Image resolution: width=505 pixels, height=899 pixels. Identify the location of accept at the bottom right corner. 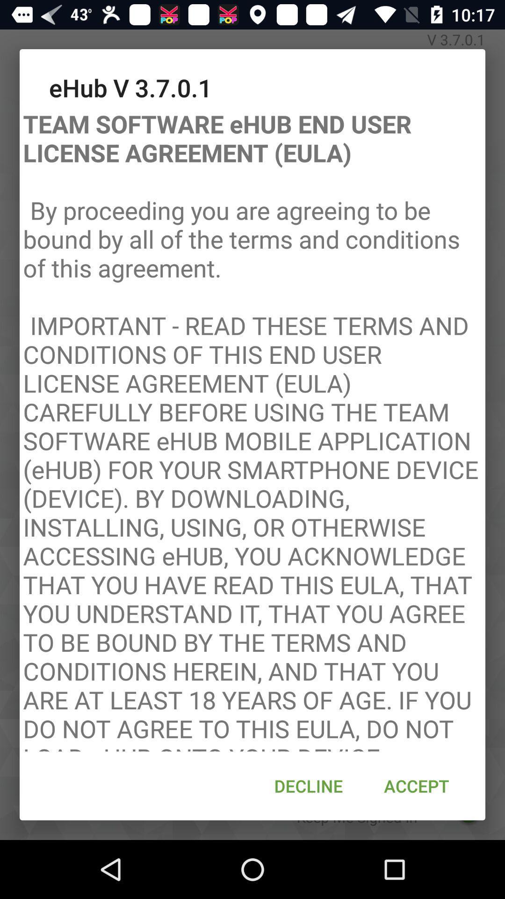
(416, 786).